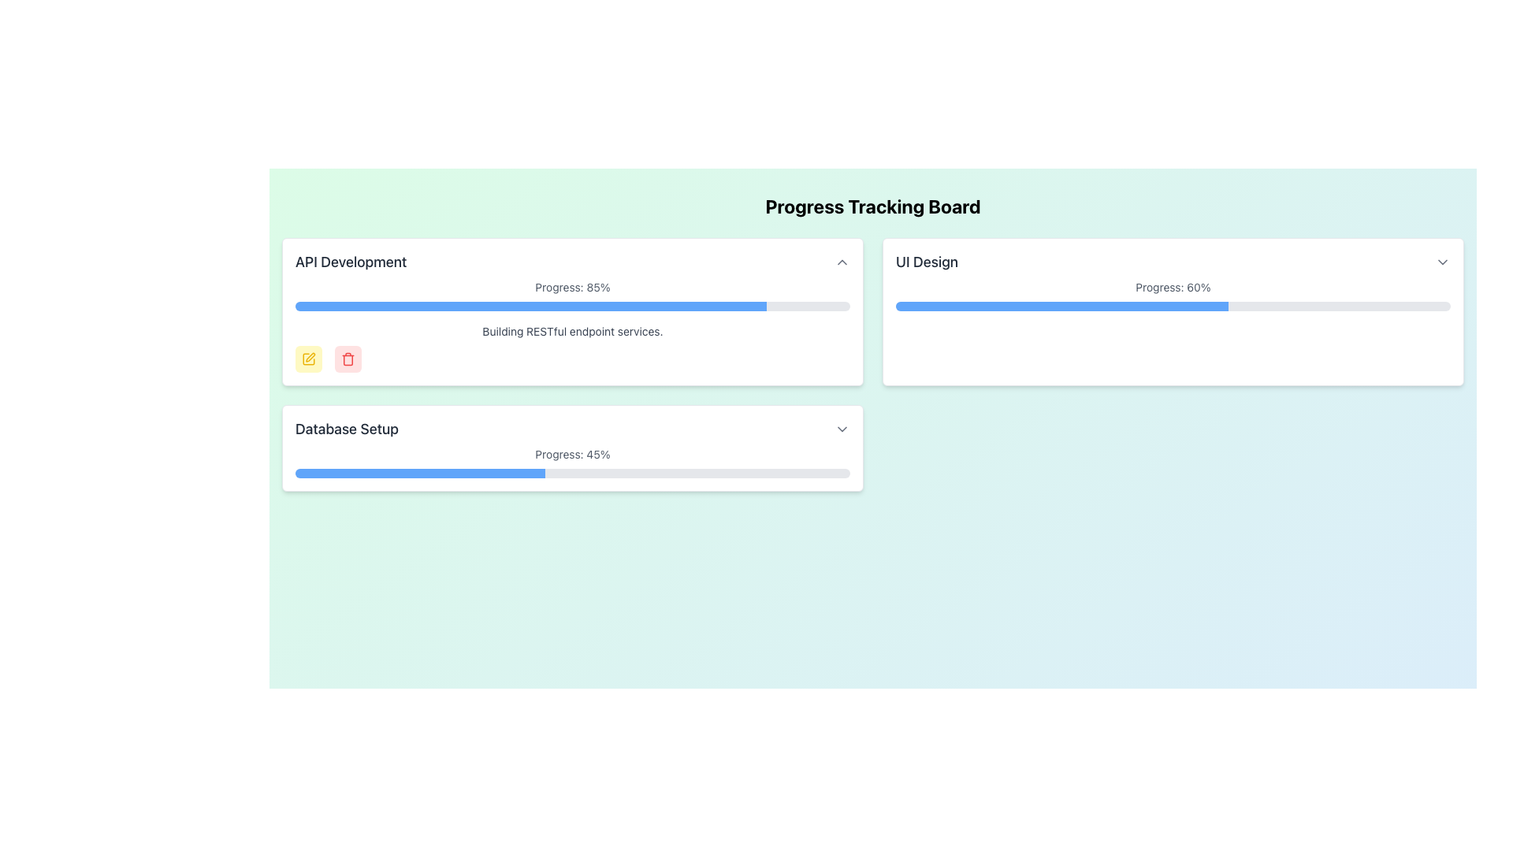 This screenshot has height=851, width=1513. Describe the element at coordinates (309, 359) in the screenshot. I see `the small button with rounded corners and a light yellow background featuring a pencil icon` at that location.